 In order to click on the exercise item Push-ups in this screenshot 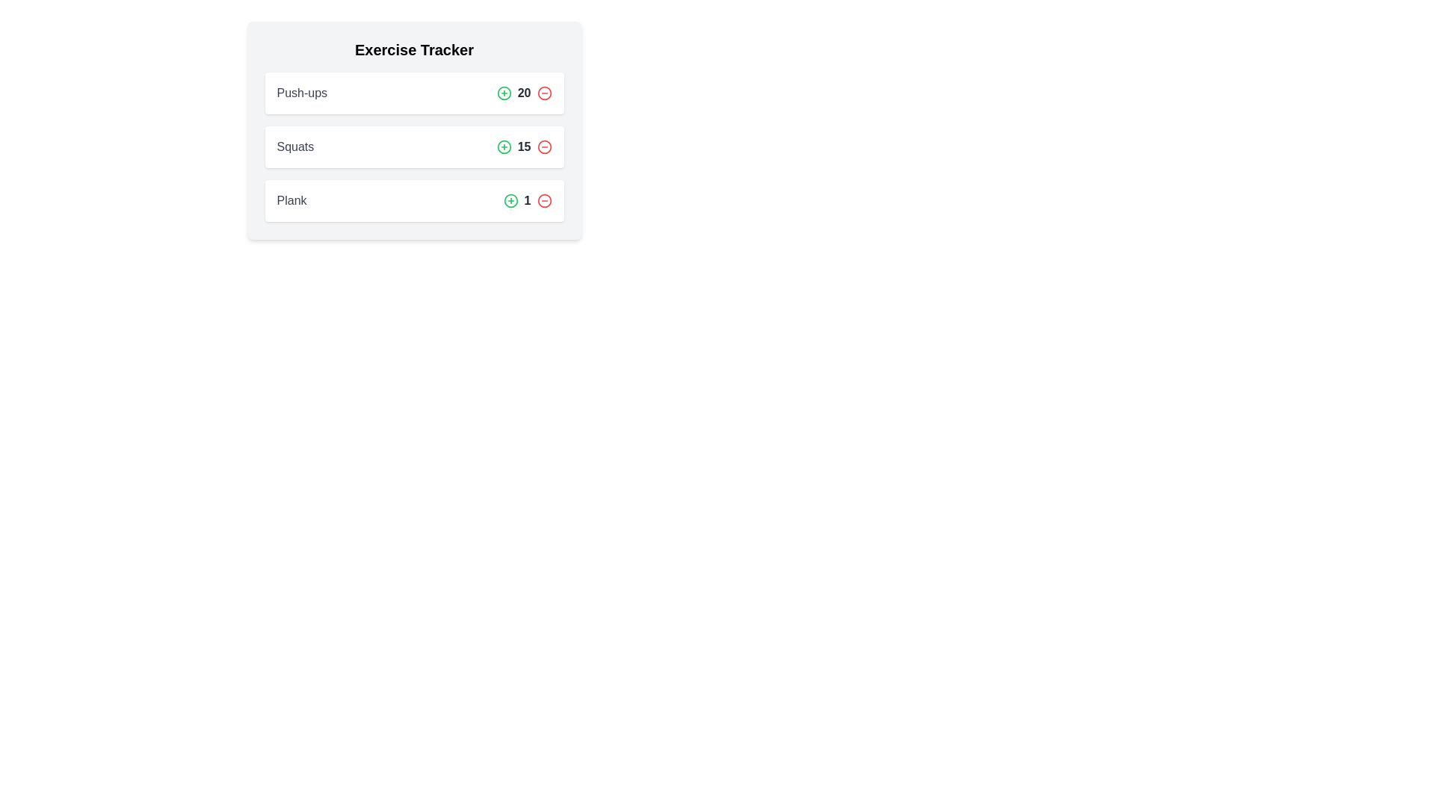, I will do `click(414, 93)`.